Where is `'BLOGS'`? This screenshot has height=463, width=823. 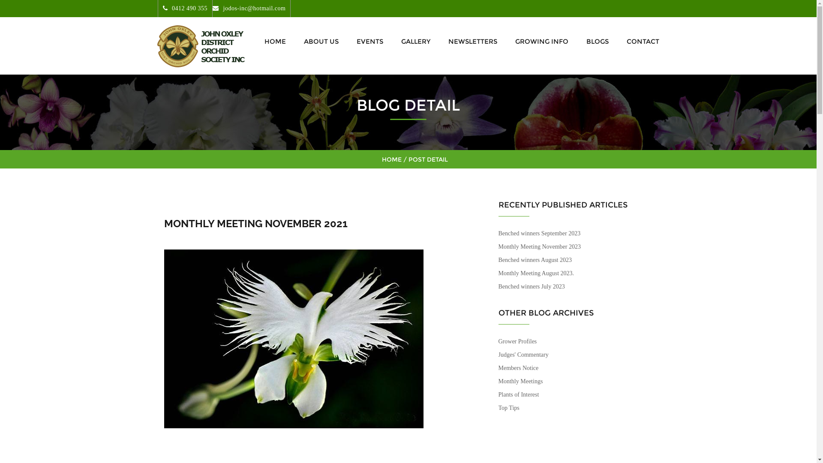
'BLOGS' is located at coordinates (597, 41).